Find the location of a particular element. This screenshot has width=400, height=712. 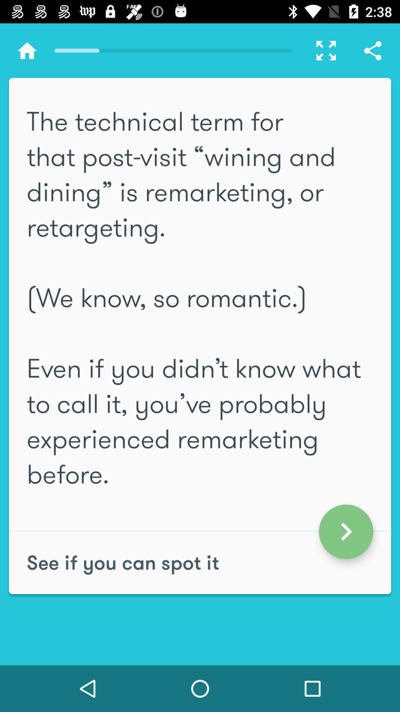

the share icon is located at coordinates (373, 50).